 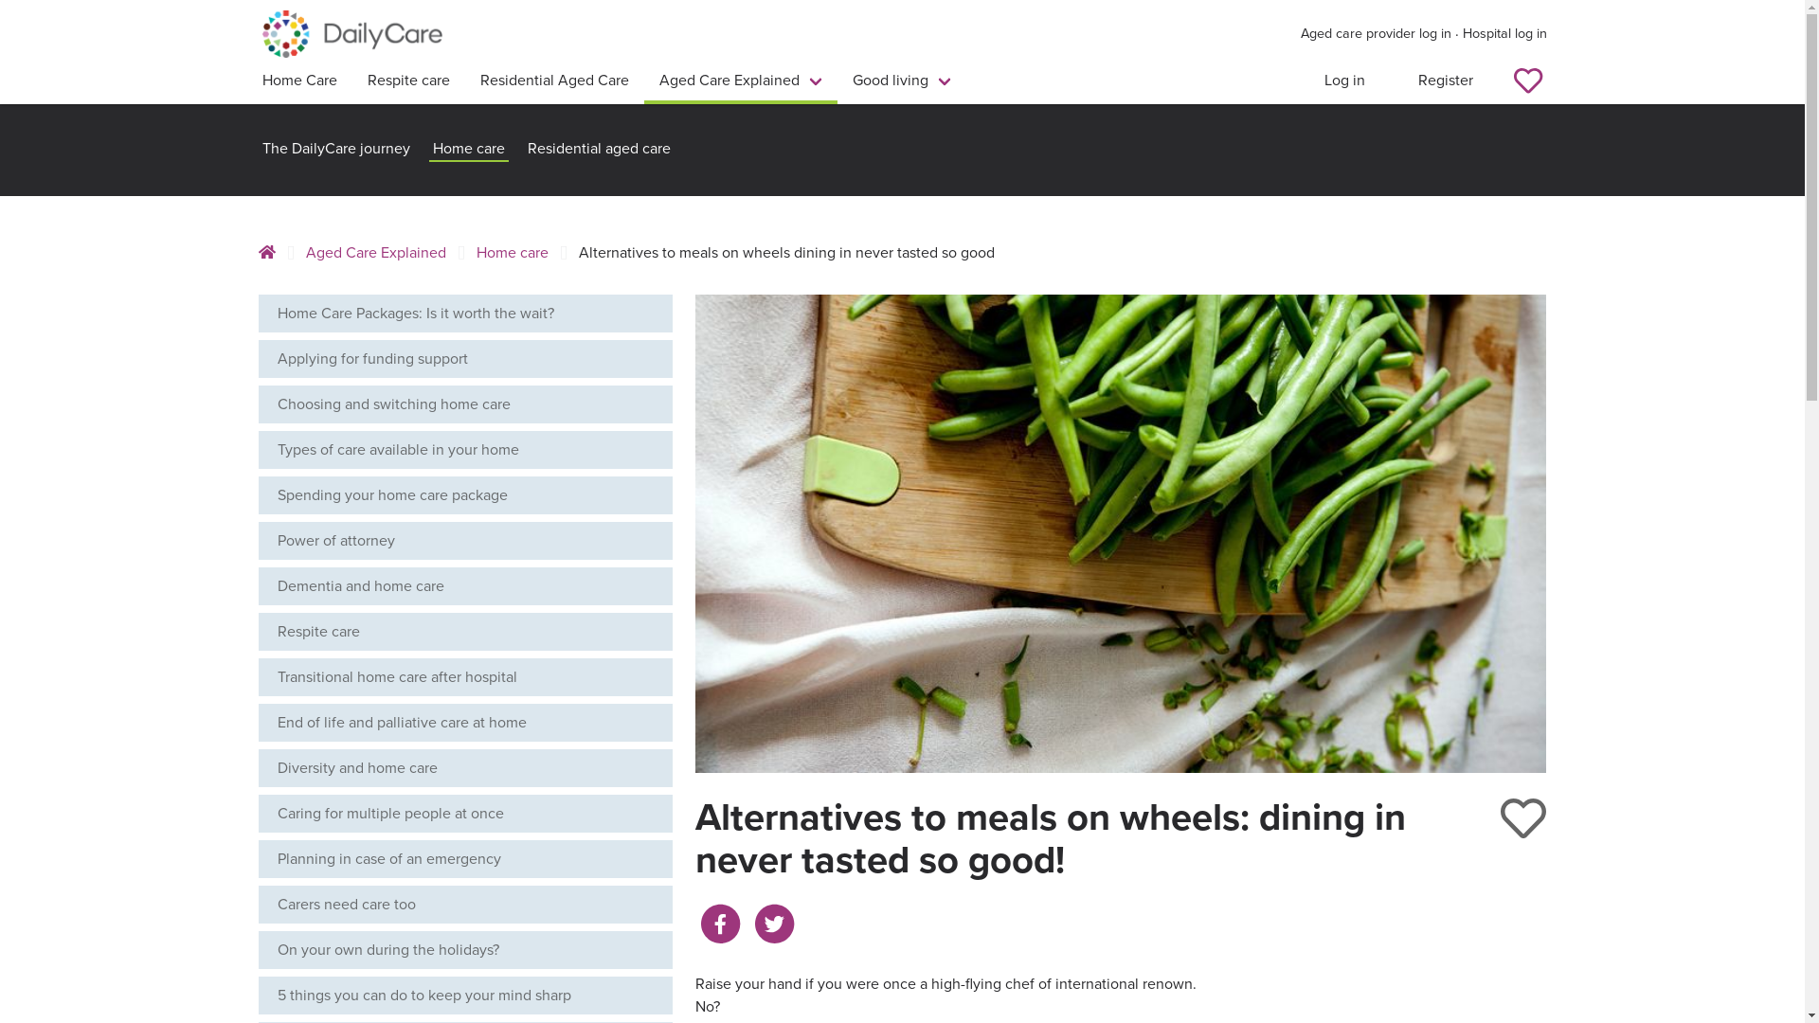 I want to click on 'Register', so click(x=1444, y=81).